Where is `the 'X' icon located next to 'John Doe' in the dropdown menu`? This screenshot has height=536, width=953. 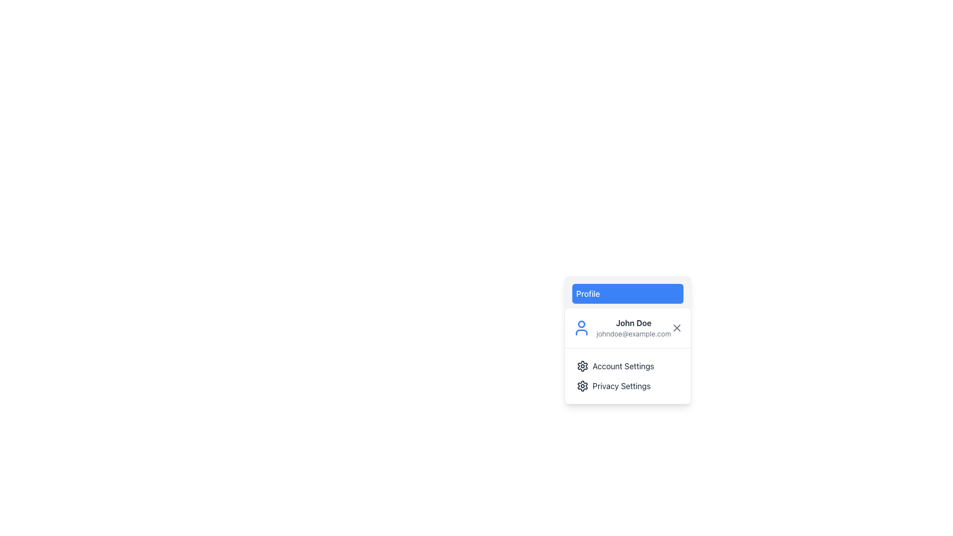 the 'X' icon located next to 'John Doe' in the dropdown menu is located at coordinates (676, 328).